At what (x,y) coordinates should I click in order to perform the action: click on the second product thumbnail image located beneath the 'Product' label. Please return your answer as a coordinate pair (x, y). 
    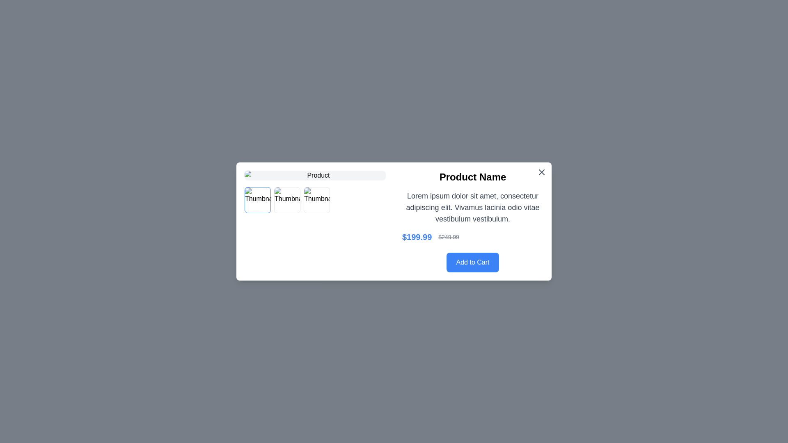
    Looking at the image, I should click on (287, 200).